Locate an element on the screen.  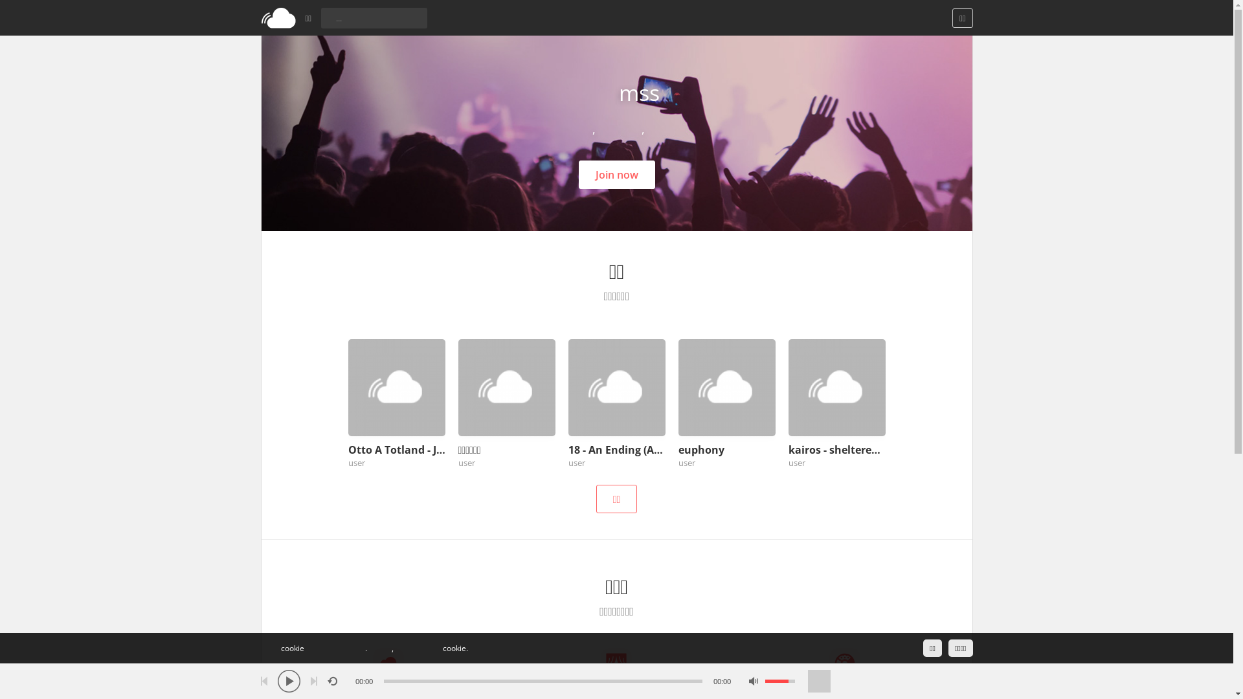
'18 - An Ending (Ascent)' is located at coordinates (616, 449).